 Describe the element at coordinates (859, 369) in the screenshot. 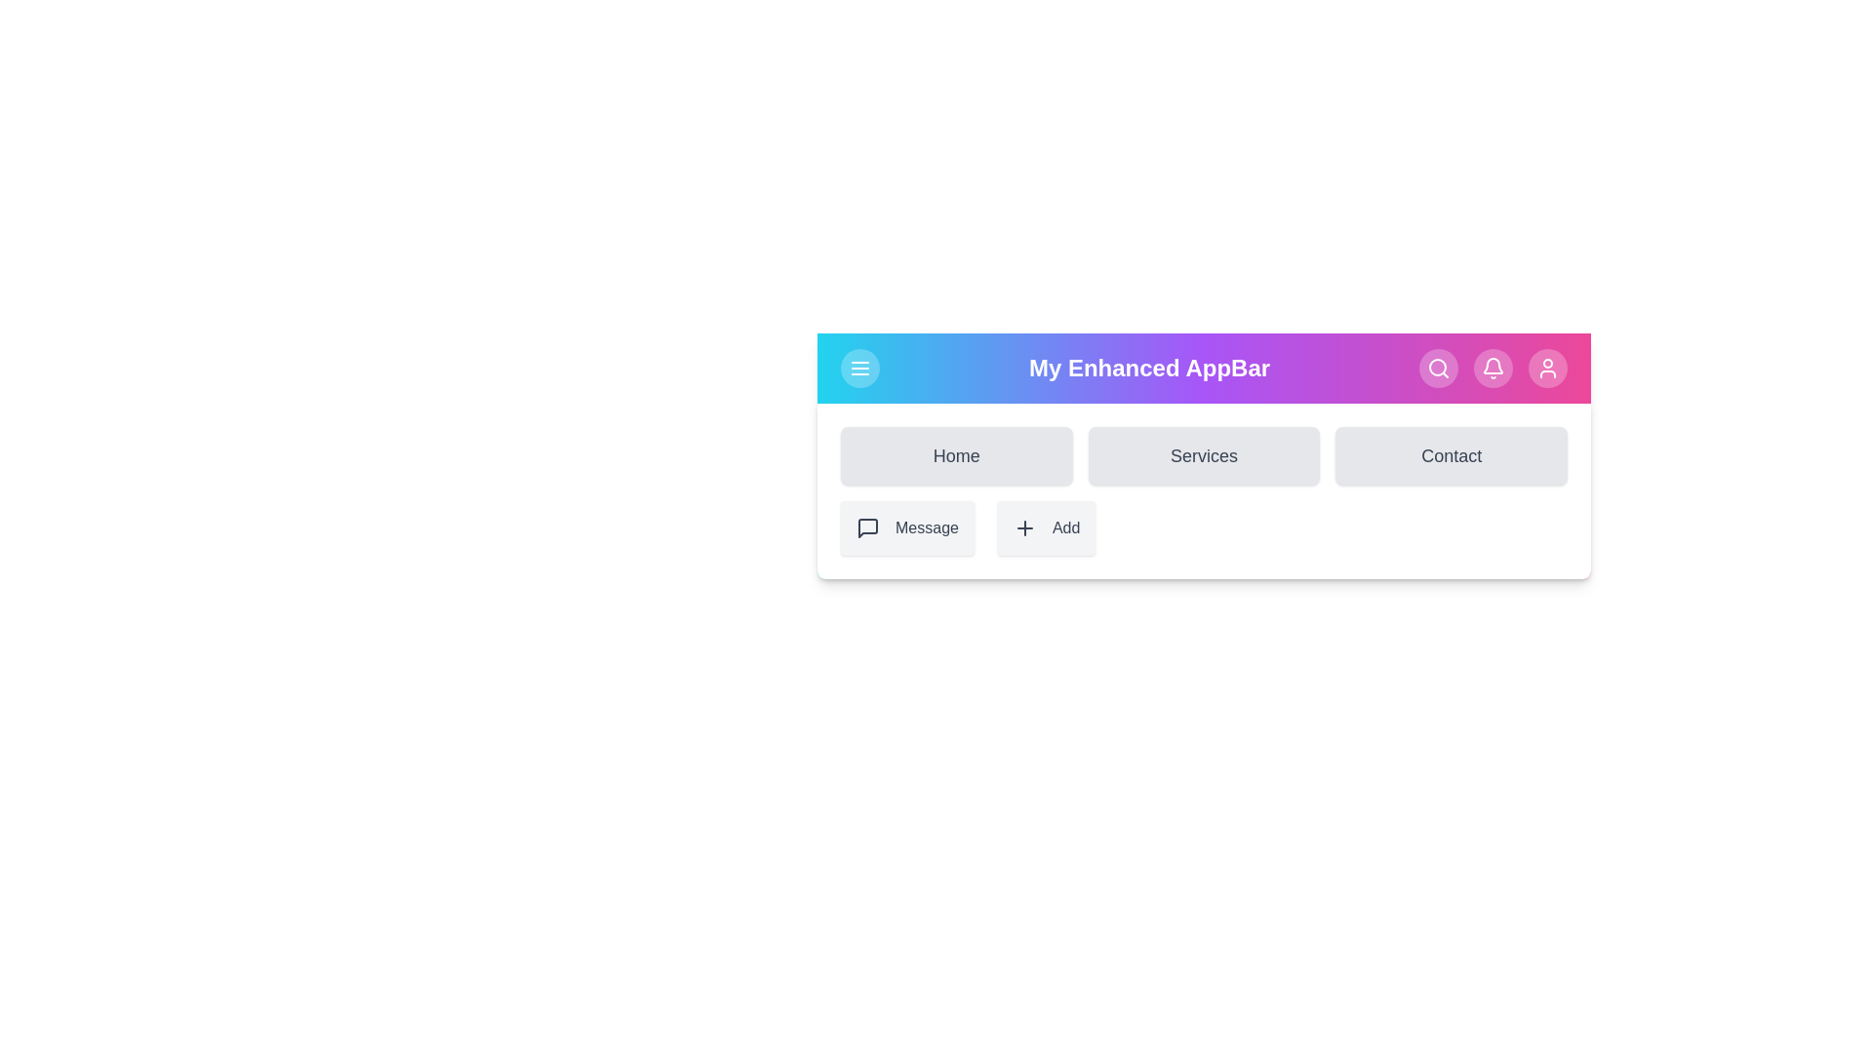

I see `the menu toggle button to toggle the visibility of the main menu` at that location.